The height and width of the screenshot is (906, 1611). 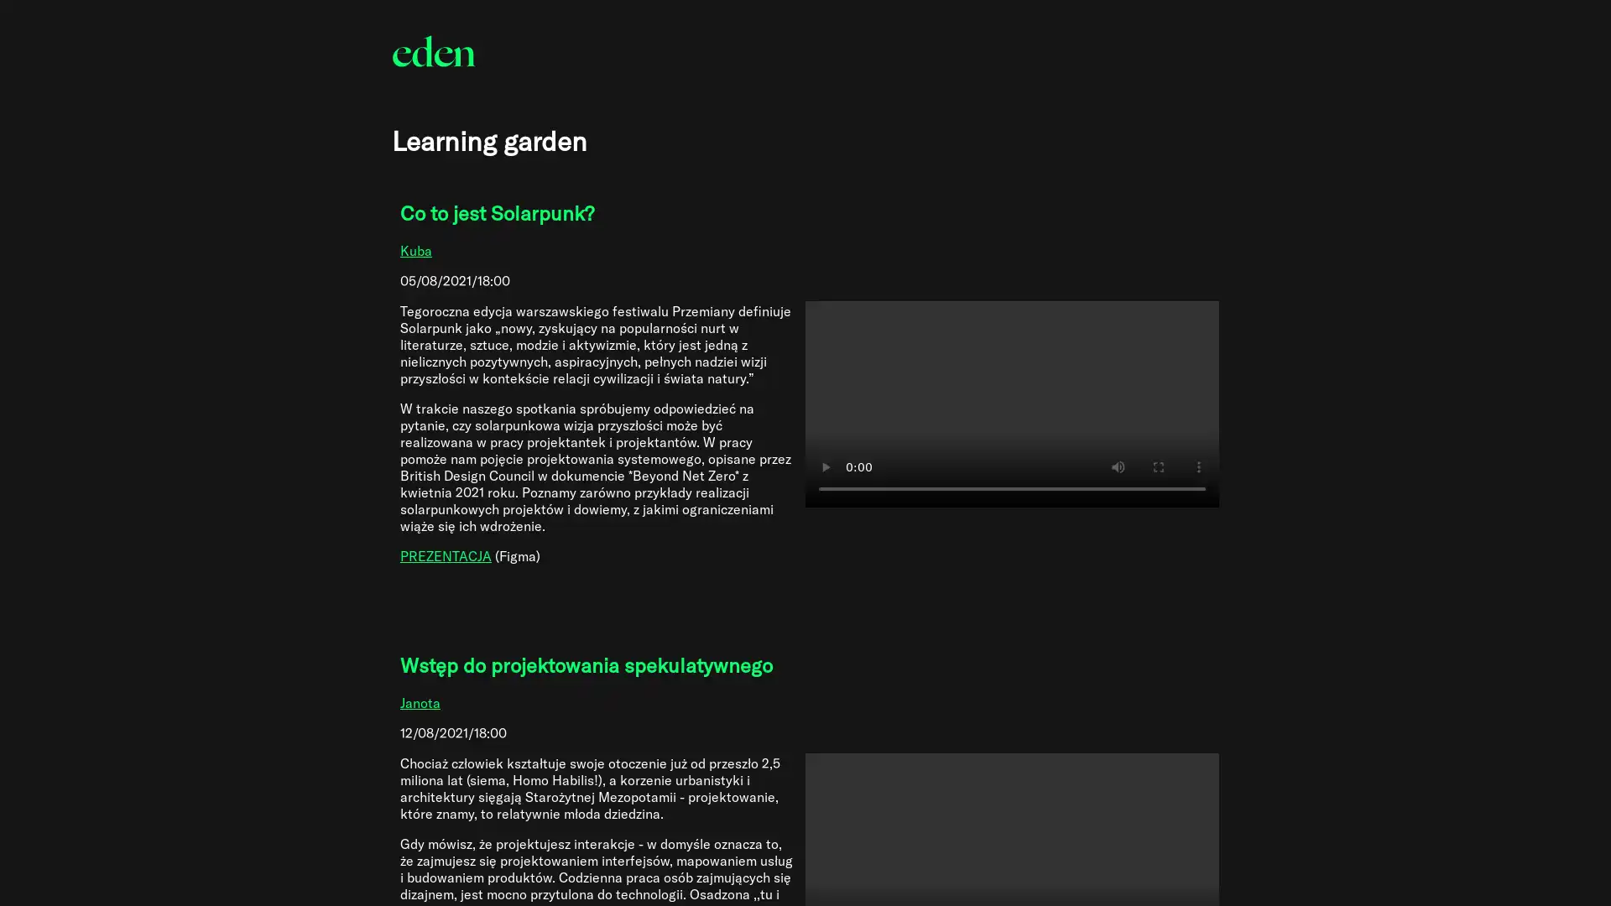 I want to click on play, so click(x=825, y=466).